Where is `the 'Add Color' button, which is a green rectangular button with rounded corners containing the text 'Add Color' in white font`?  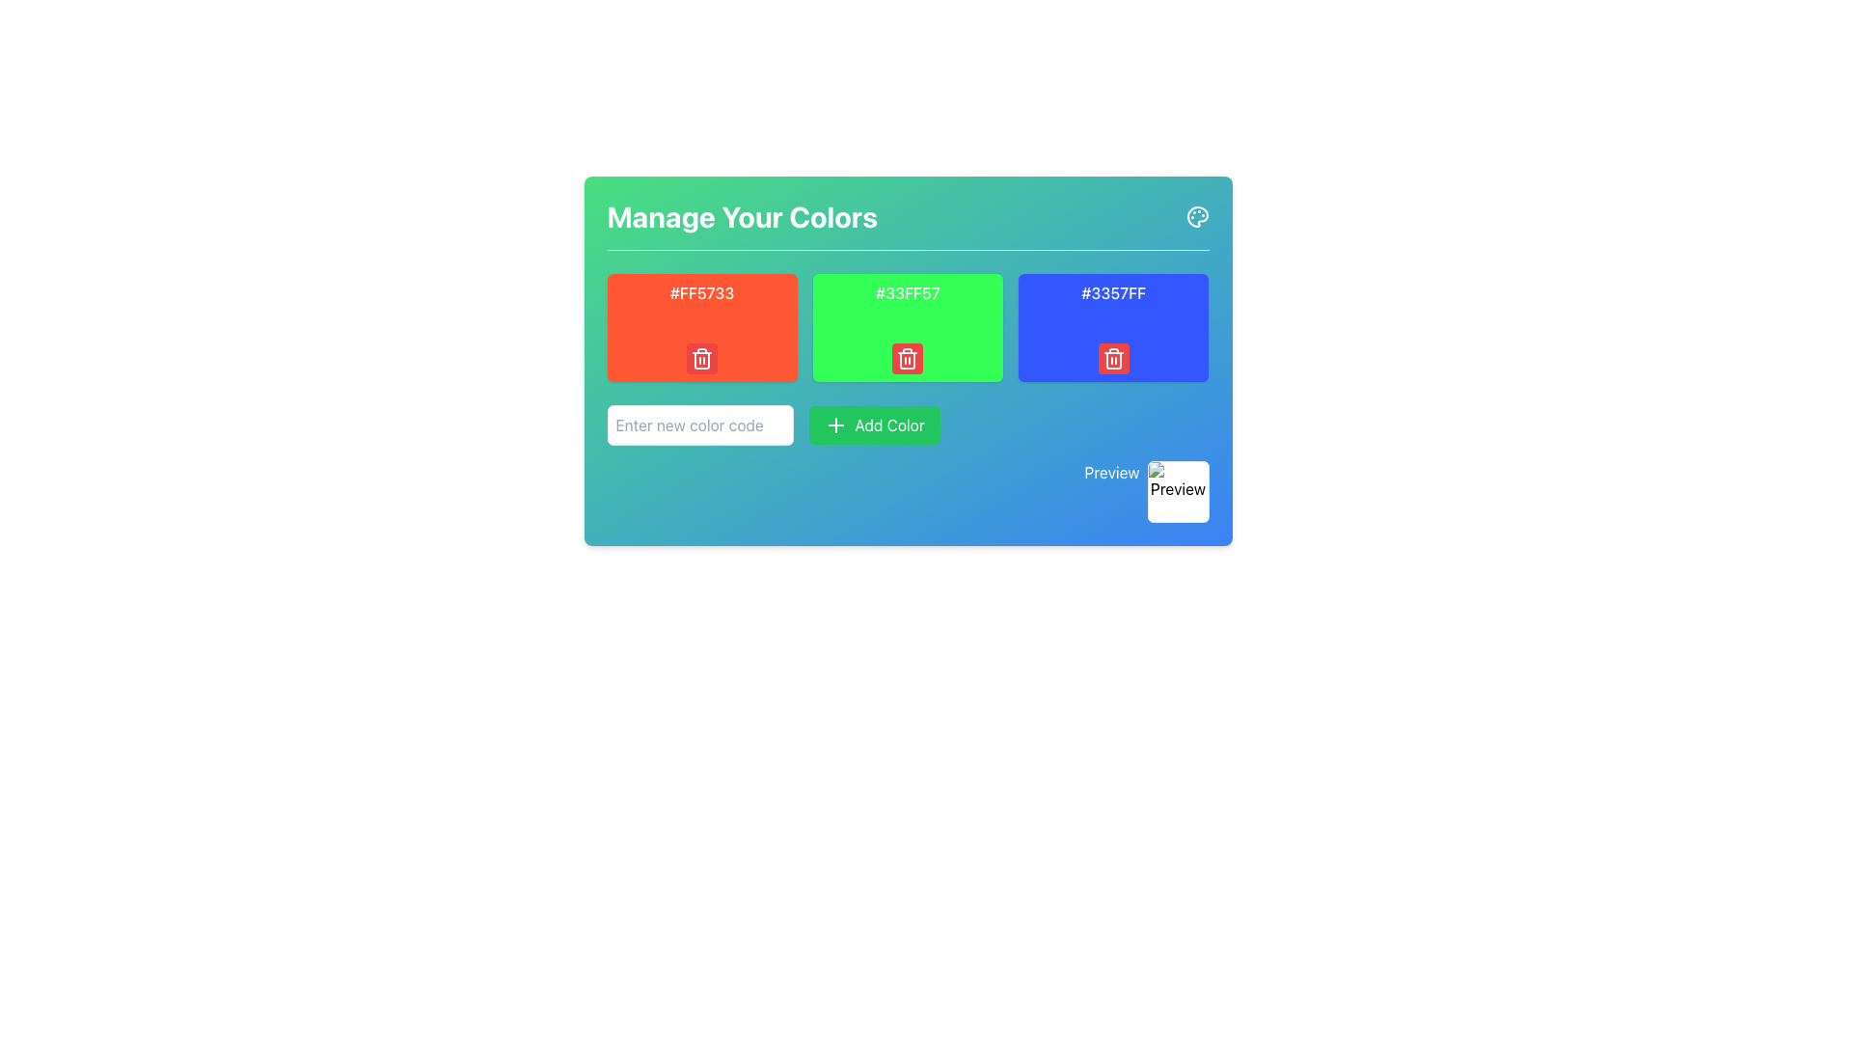
the 'Add Color' button, which is a green rectangular button with rounded corners containing the text 'Add Color' in white font is located at coordinates (887, 424).